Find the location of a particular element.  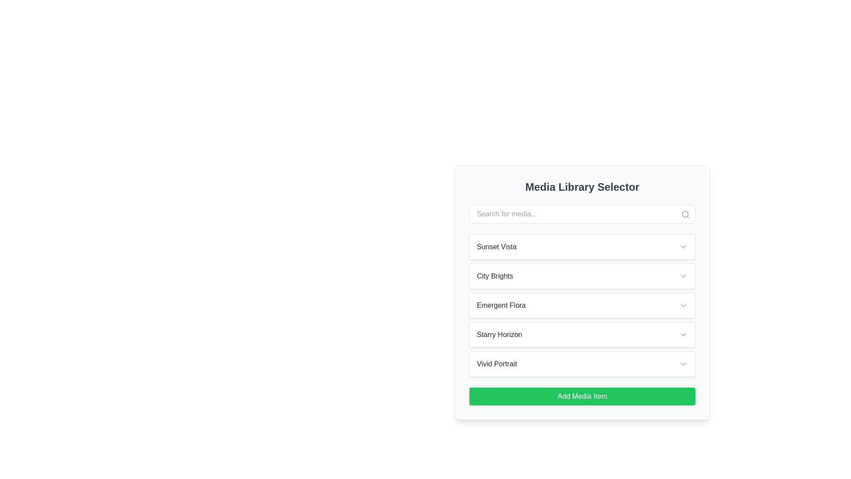

the search icon resembling a magnifying glass located at the top-right corner of the search bar's input field is located at coordinates (685, 214).